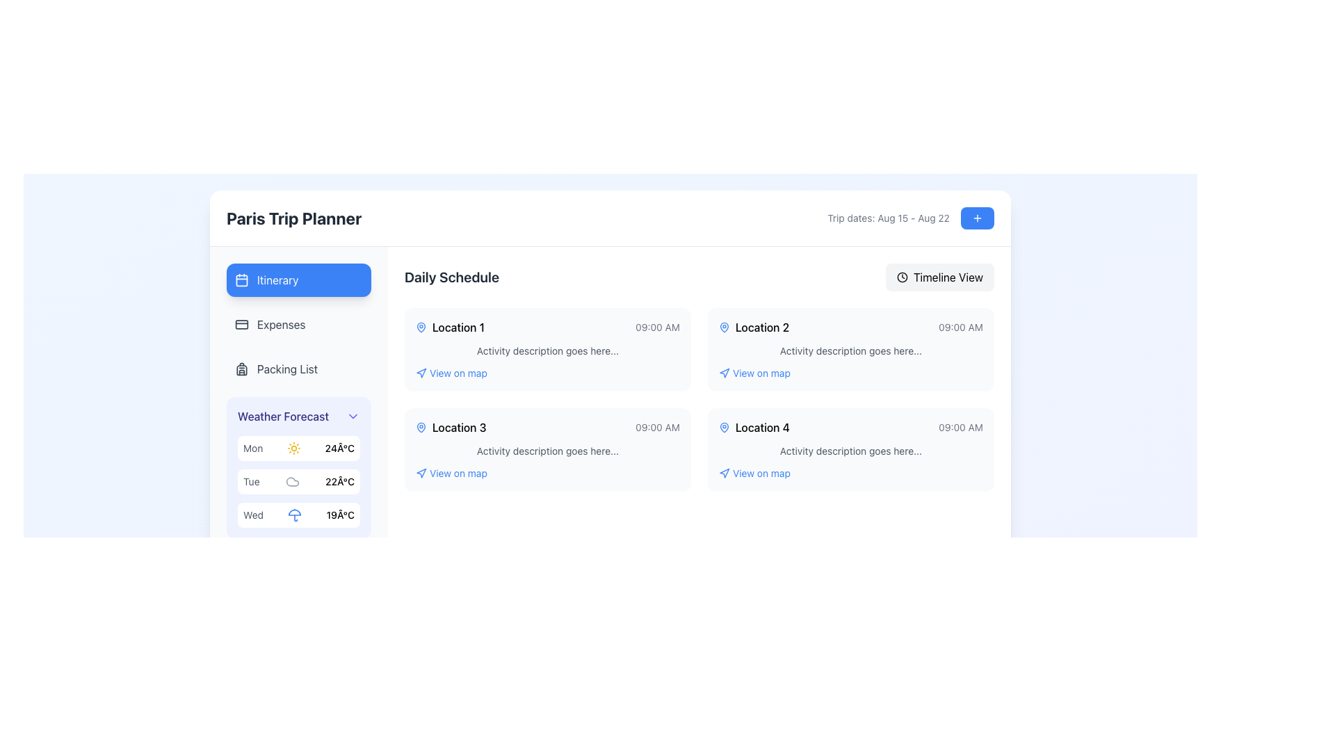 Image resolution: width=1335 pixels, height=751 pixels. What do you see at coordinates (753, 426) in the screenshot?
I see `the 'Location 4' label with a blue map-pin icon, which is located in the bottom-right section of the 'Daily Schedule' area, positioned to the left of the time display '09:00 AM'` at bounding box center [753, 426].